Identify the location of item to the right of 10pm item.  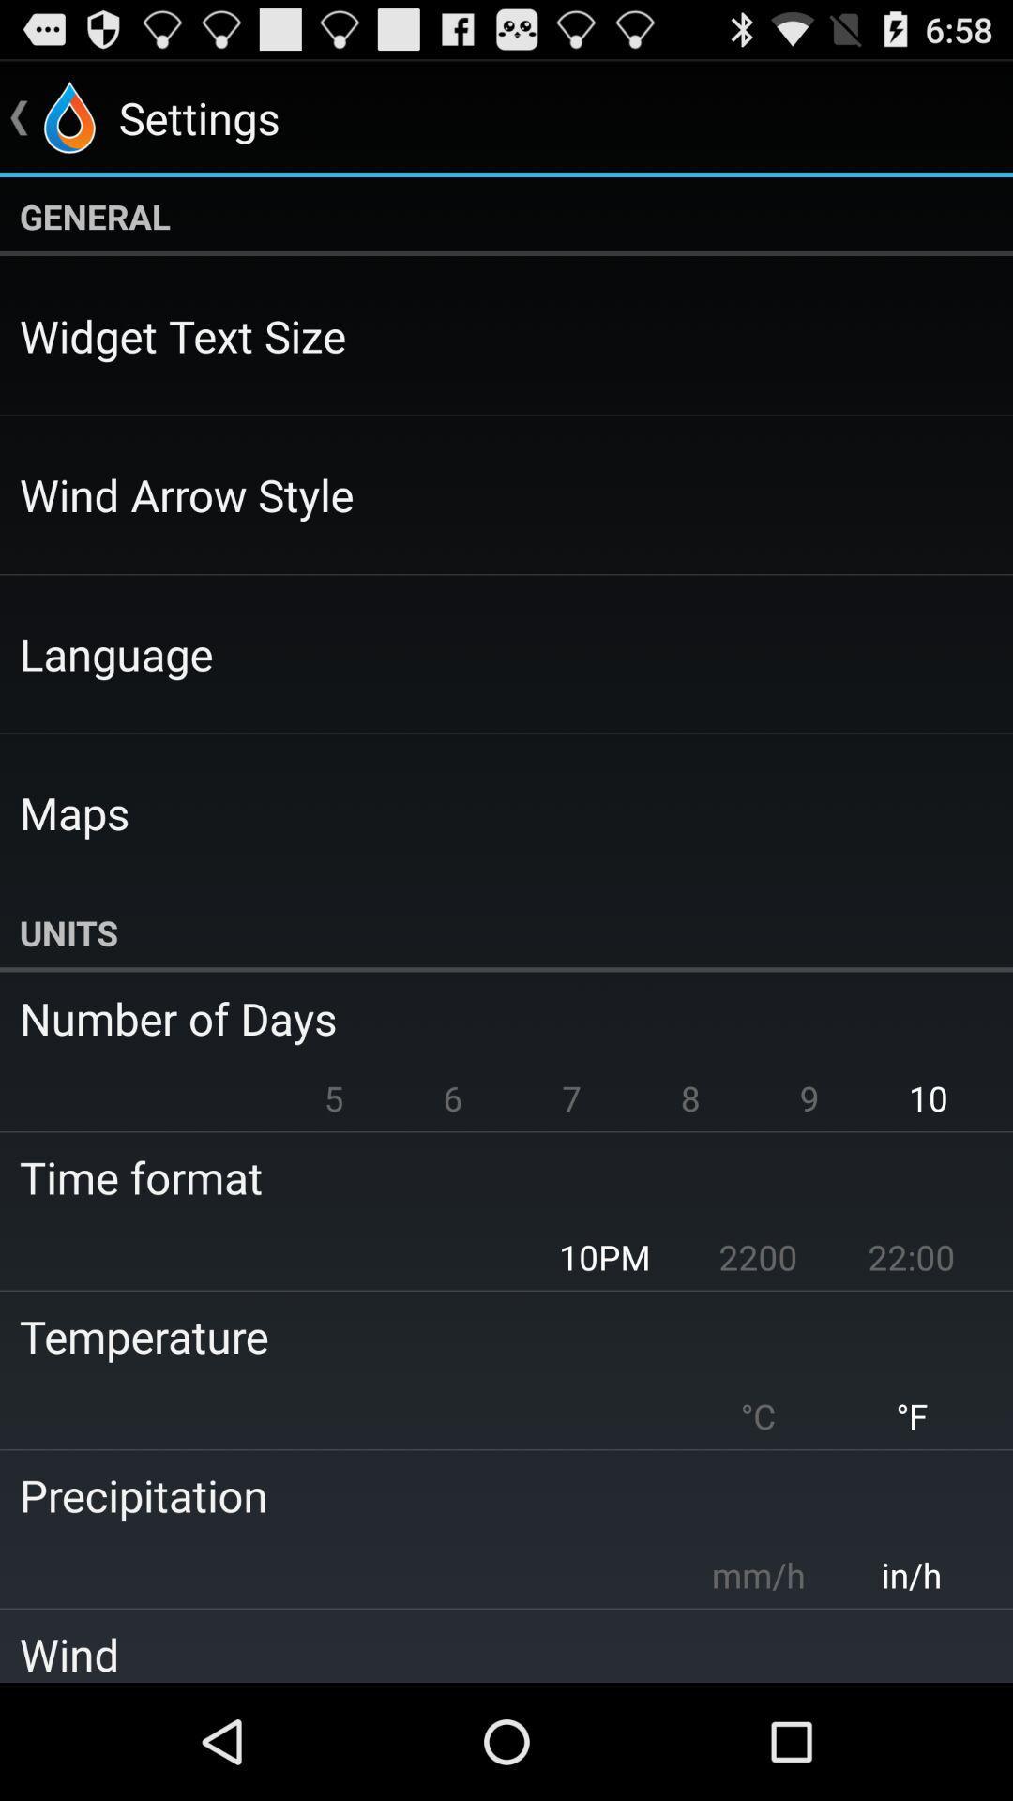
(757, 1257).